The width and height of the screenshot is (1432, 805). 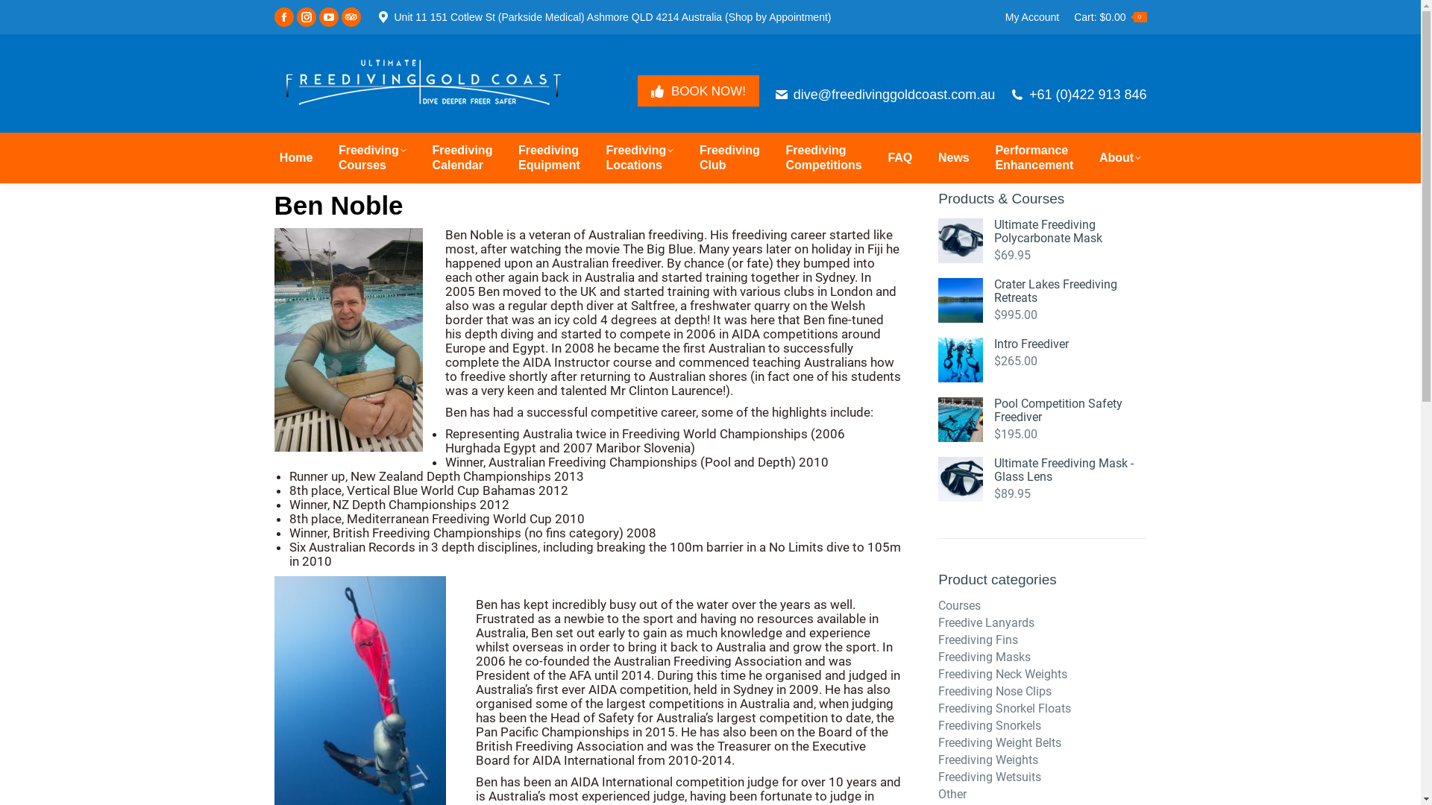 I want to click on 'My Account', so click(x=1031, y=17).